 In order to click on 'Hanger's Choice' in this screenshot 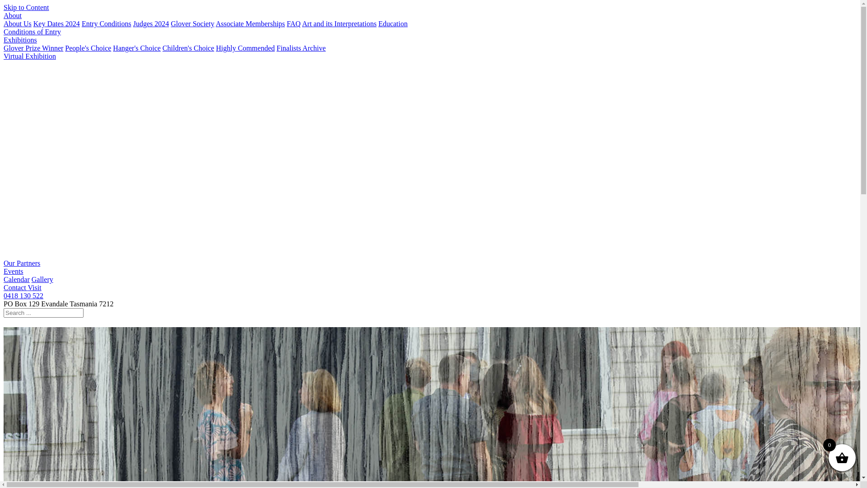, I will do `click(136, 48)`.